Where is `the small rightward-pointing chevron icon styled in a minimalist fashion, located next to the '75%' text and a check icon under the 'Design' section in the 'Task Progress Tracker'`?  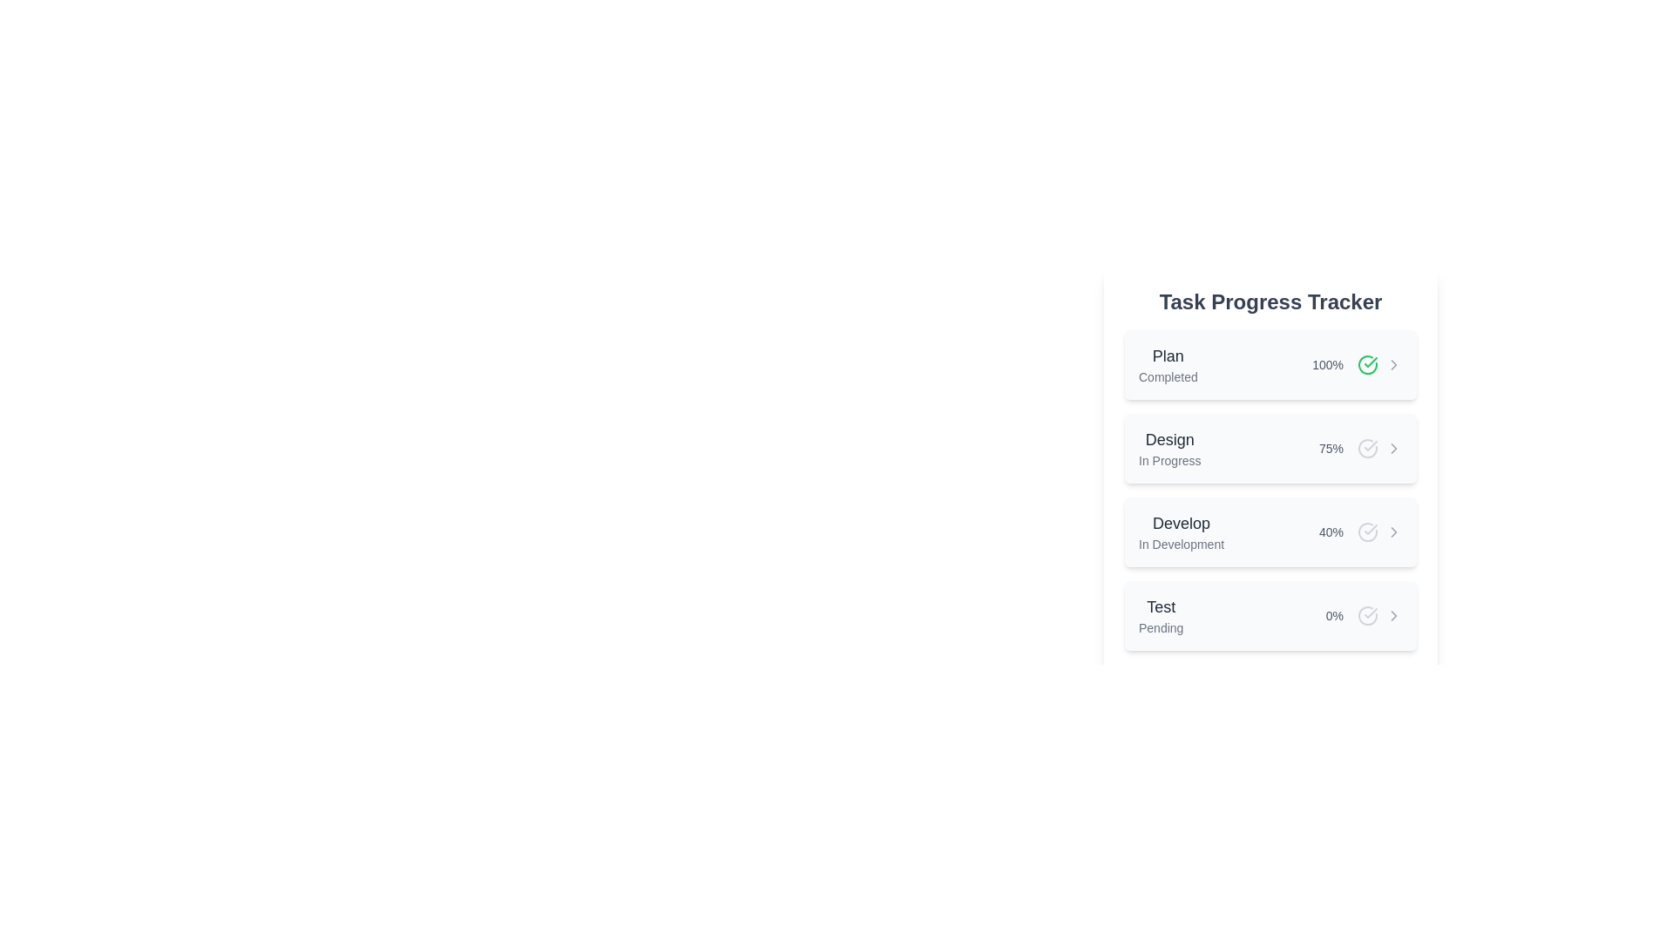
the small rightward-pointing chevron icon styled in a minimalist fashion, located next to the '75%' text and a check icon under the 'Design' section in the 'Task Progress Tracker' is located at coordinates (1392, 448).